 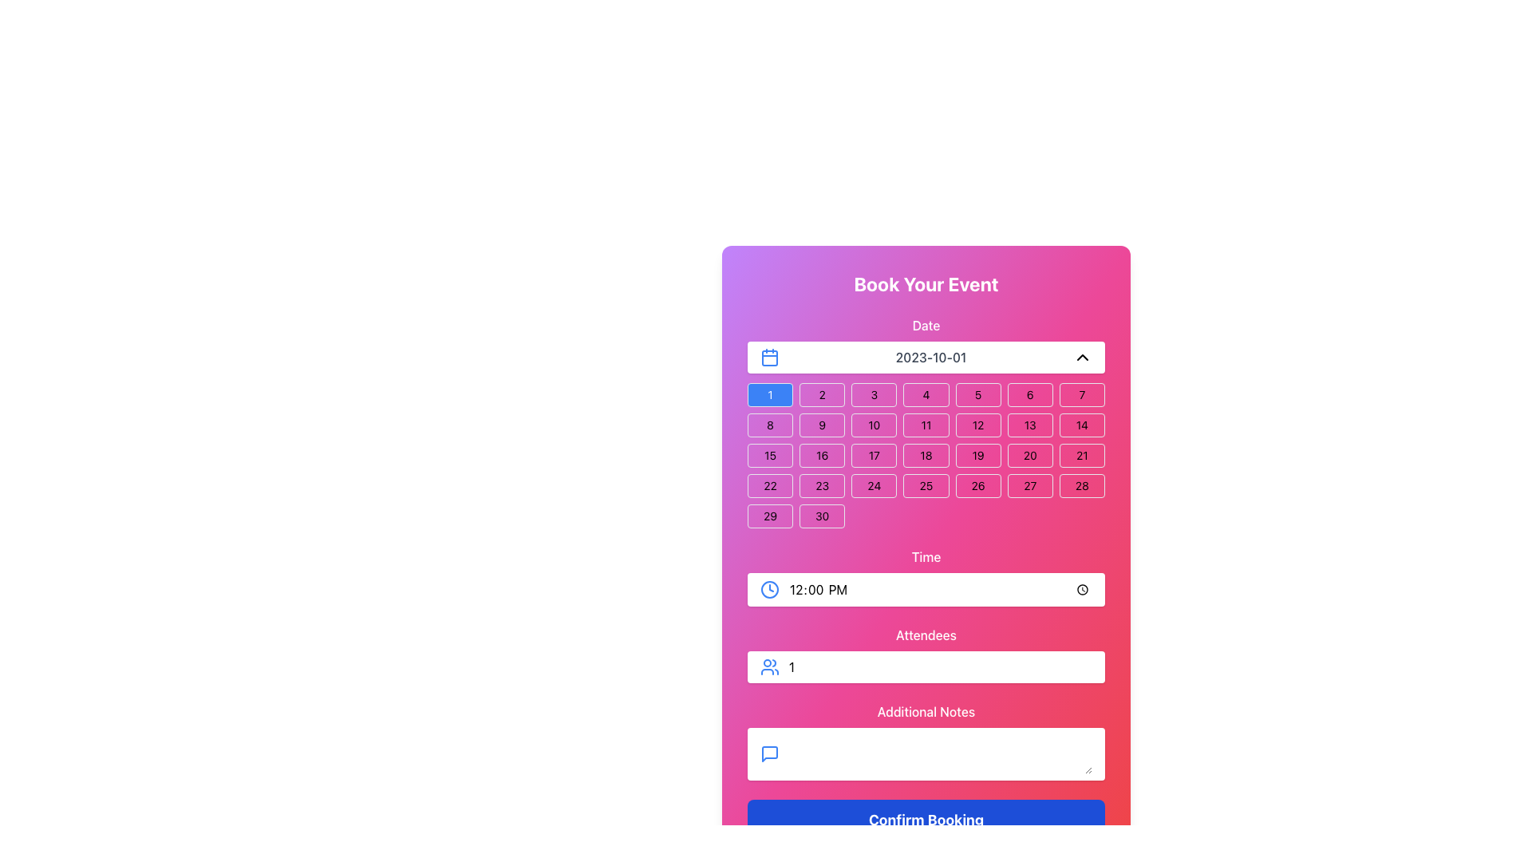 I want to click on the button labeled '4' in the date selection section of the calendar interface, so click(x=926, y=394).